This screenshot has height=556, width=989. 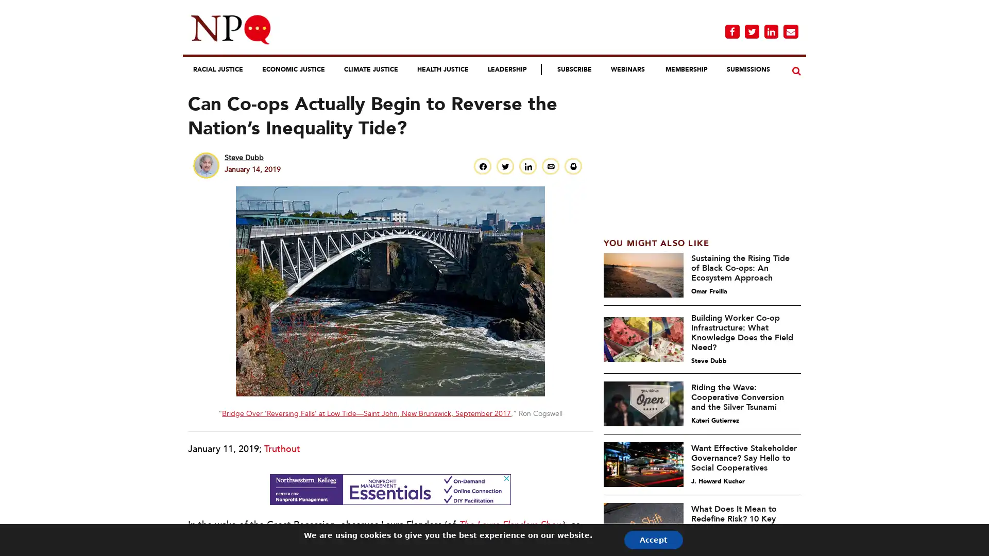 What do you see at coordinates (636, 76) in the screenshot?
I see `Close` at bounding box center [636, 76].